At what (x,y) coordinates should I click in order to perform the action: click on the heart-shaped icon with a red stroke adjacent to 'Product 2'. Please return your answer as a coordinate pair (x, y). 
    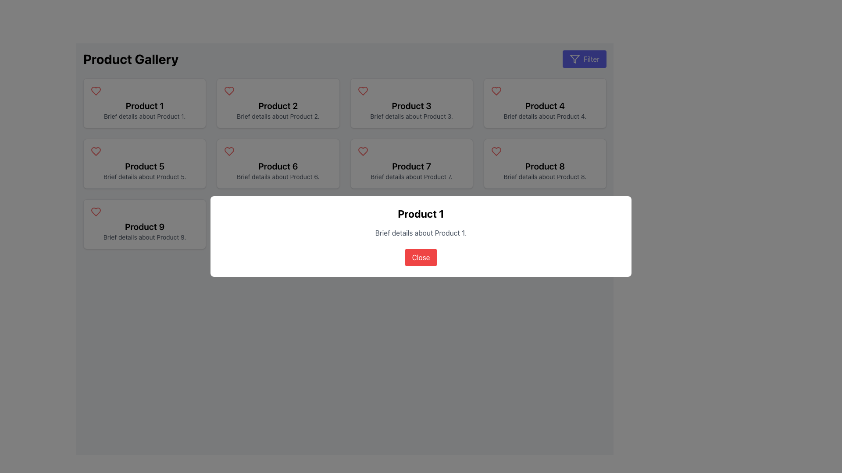
    Looking at the image, I should click on (229, 91).